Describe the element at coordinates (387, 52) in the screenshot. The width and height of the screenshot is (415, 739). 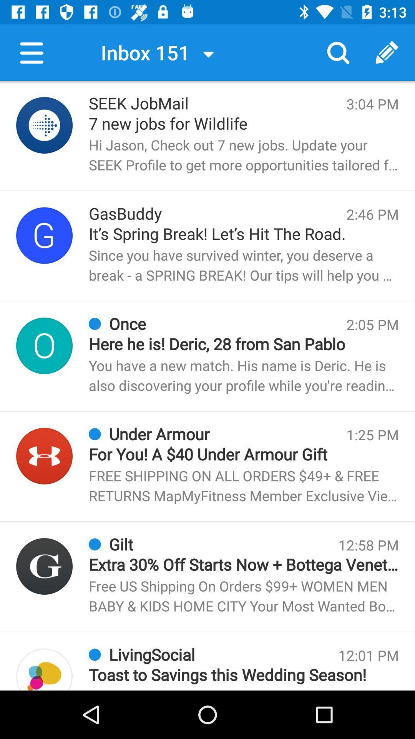
I see `the button next to search button` at that location.